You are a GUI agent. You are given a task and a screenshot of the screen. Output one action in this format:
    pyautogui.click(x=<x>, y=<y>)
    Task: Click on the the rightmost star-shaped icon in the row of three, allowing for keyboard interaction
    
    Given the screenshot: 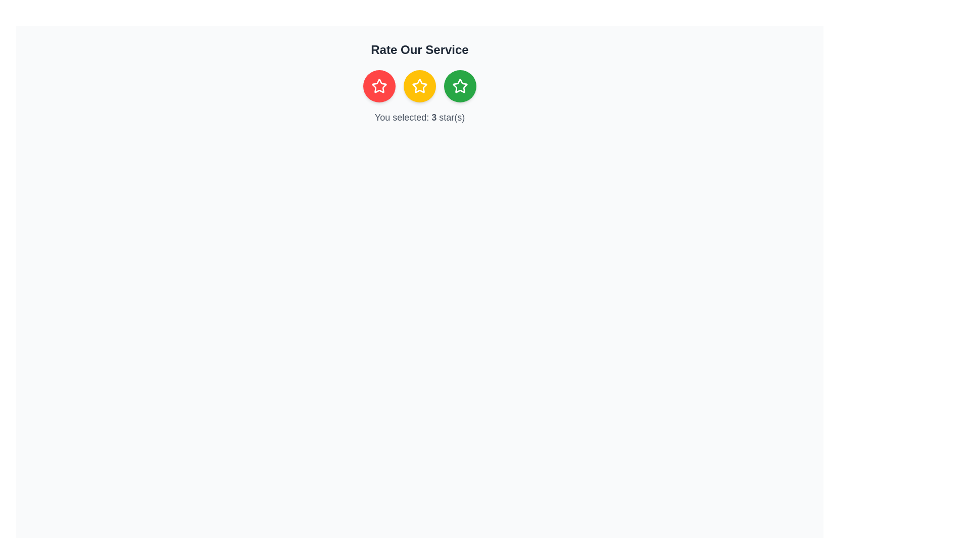 What is the action you would take?
    pyautogui.click(x=460, y=85)
    